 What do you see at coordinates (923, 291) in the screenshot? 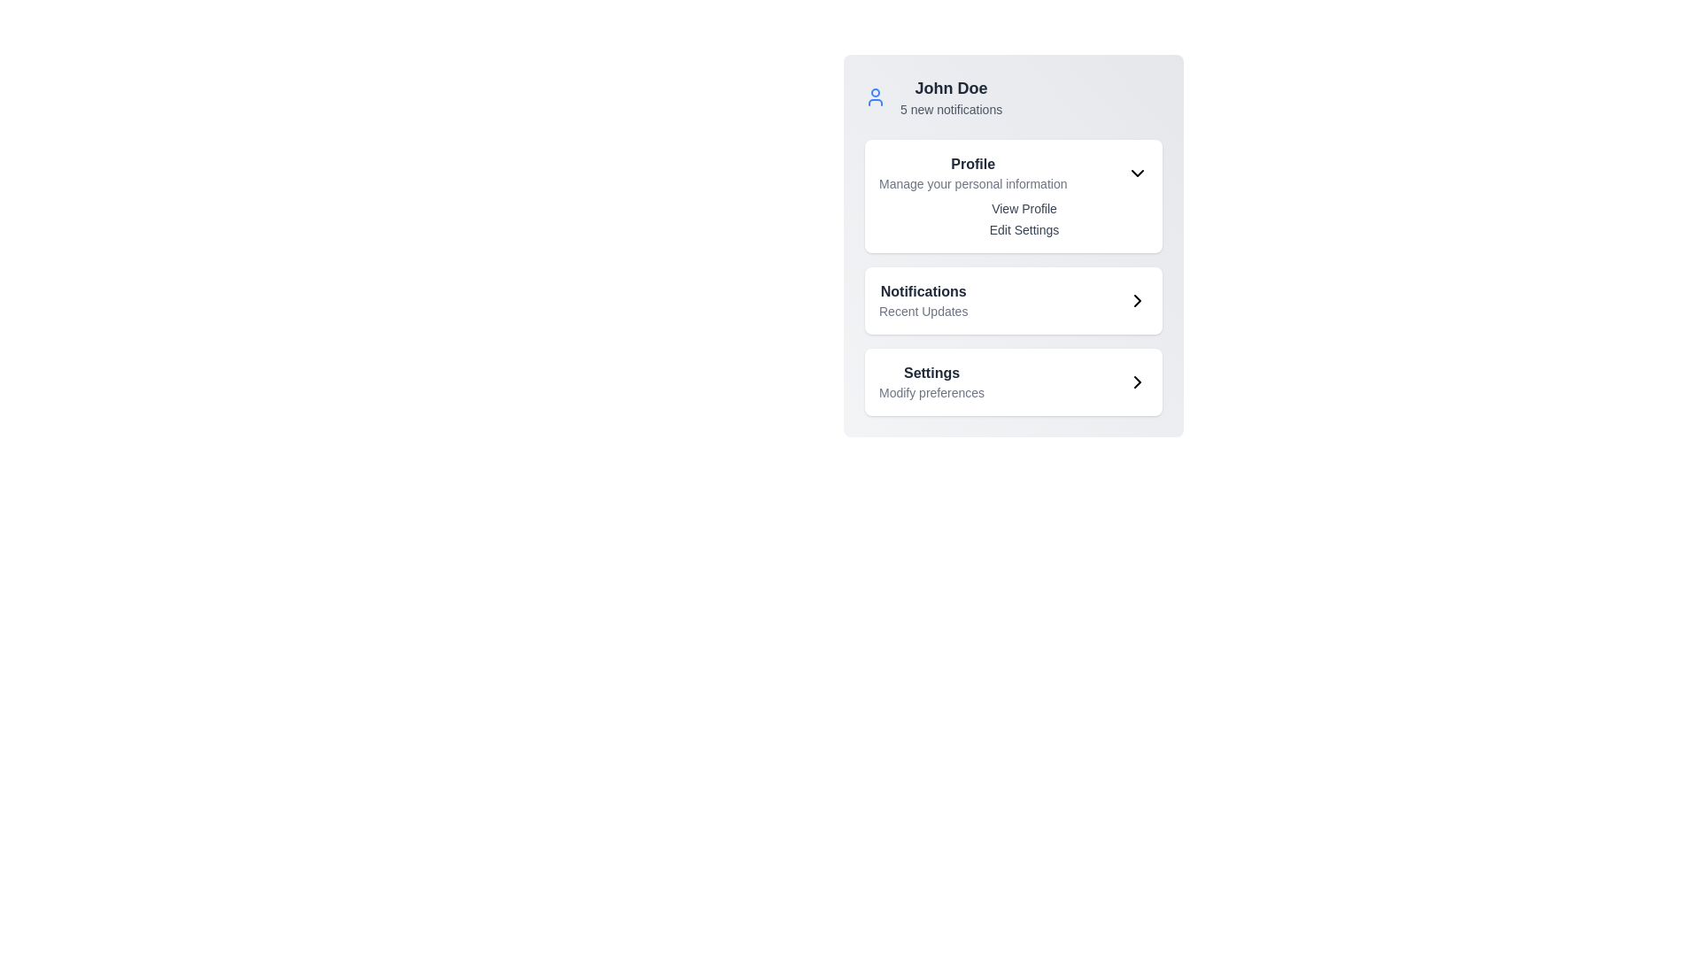
I see `the Text Label that serves as the header for the 'Notifications' section, summarizing the information below` at bounding box center [923, 291].